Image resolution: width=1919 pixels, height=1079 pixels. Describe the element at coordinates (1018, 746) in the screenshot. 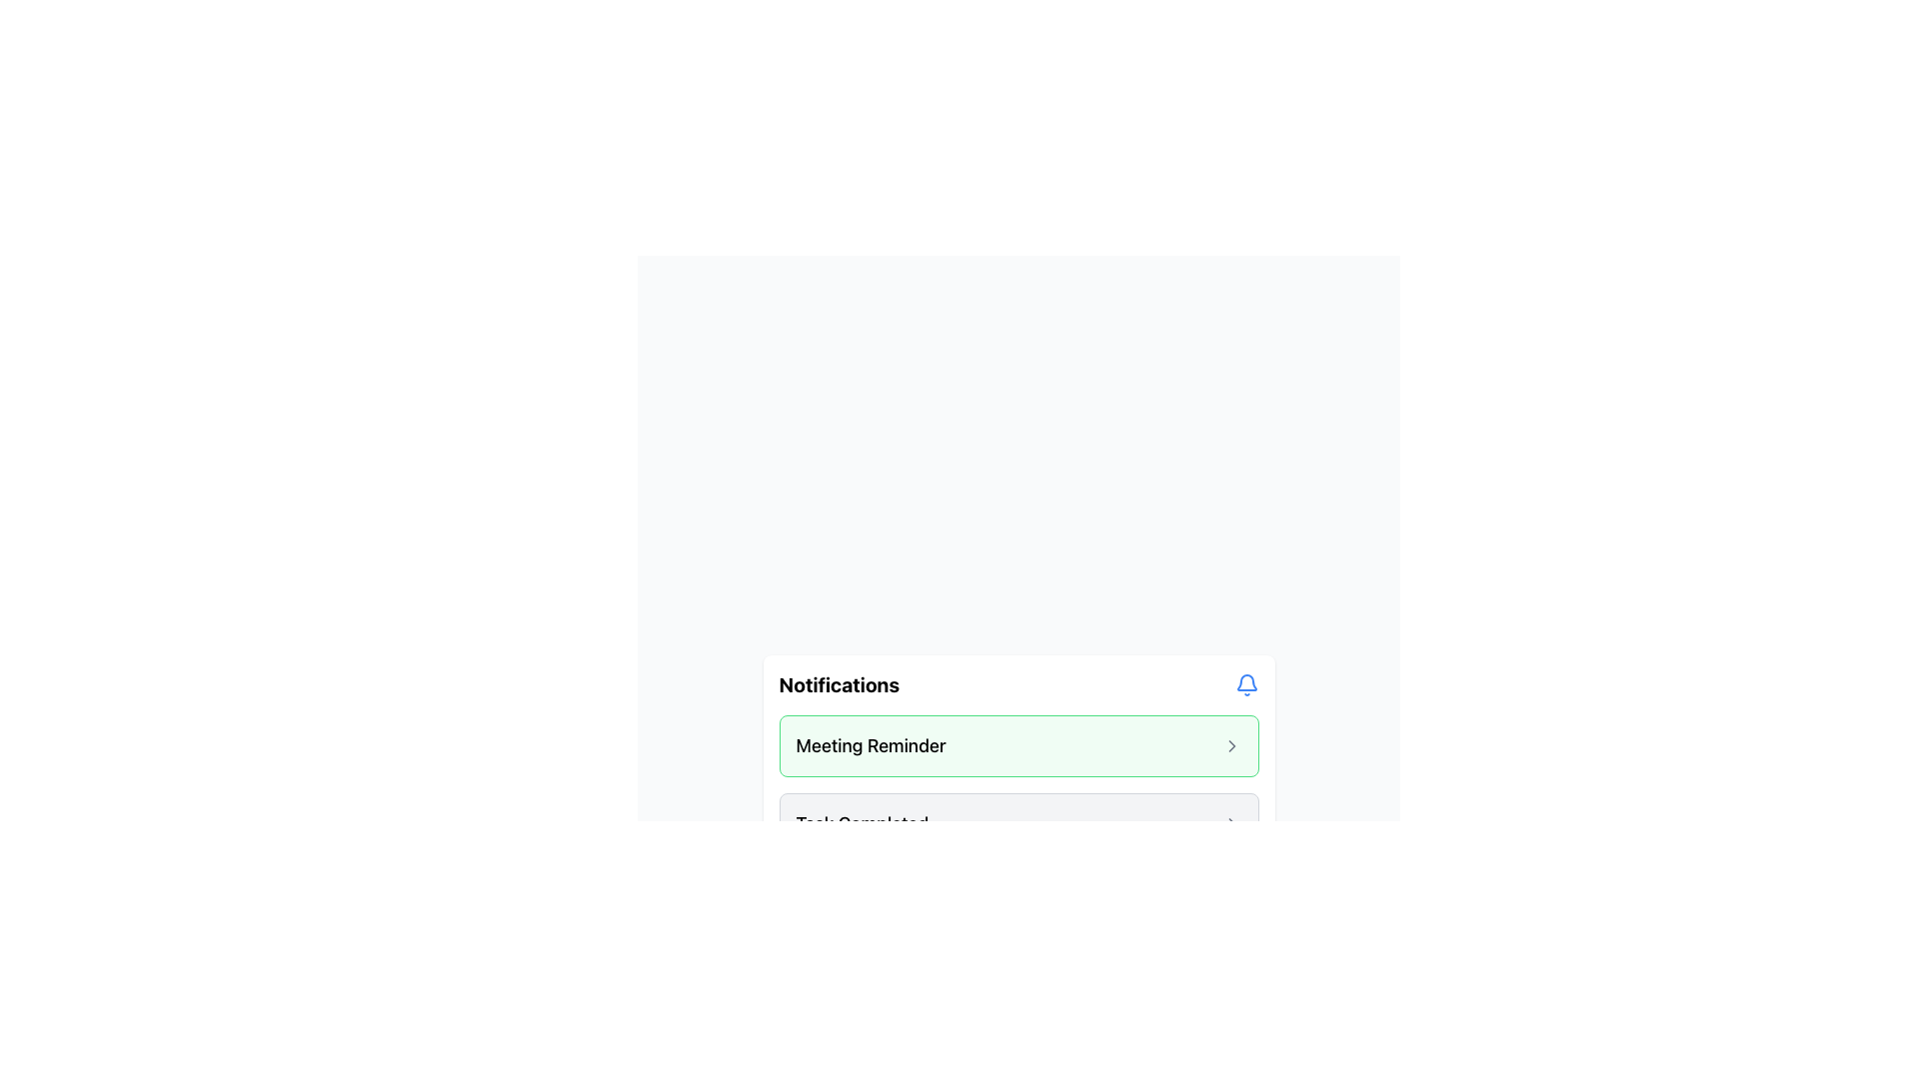

I see `the 'Meeting Reminder' list item in the Notifications section` at that location.